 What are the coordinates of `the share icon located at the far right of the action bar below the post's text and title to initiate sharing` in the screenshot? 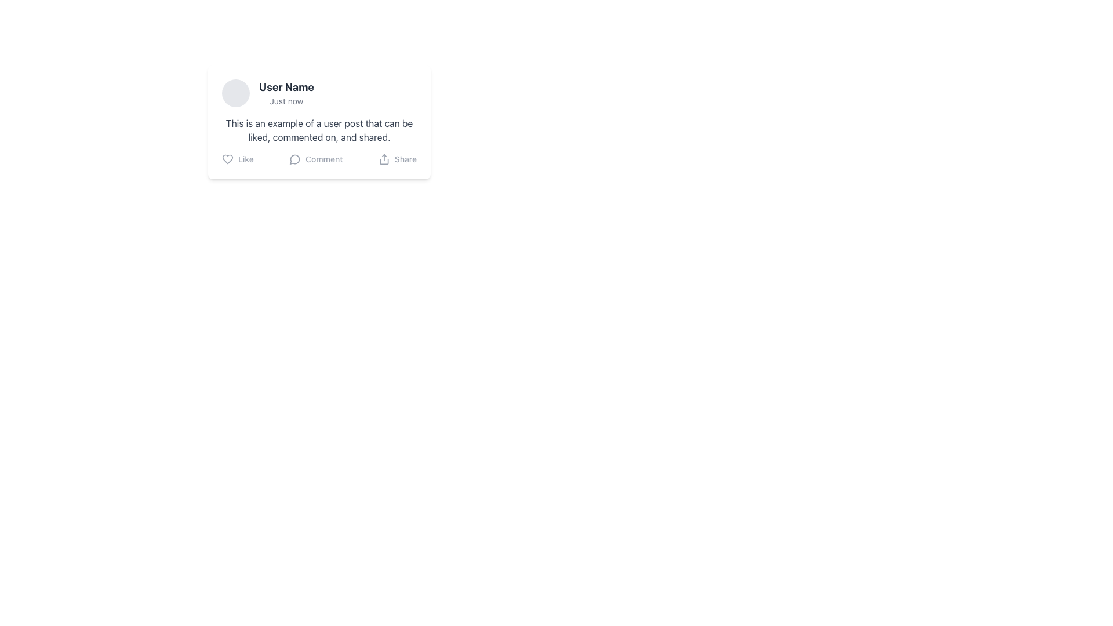 It's located at (384, 159).